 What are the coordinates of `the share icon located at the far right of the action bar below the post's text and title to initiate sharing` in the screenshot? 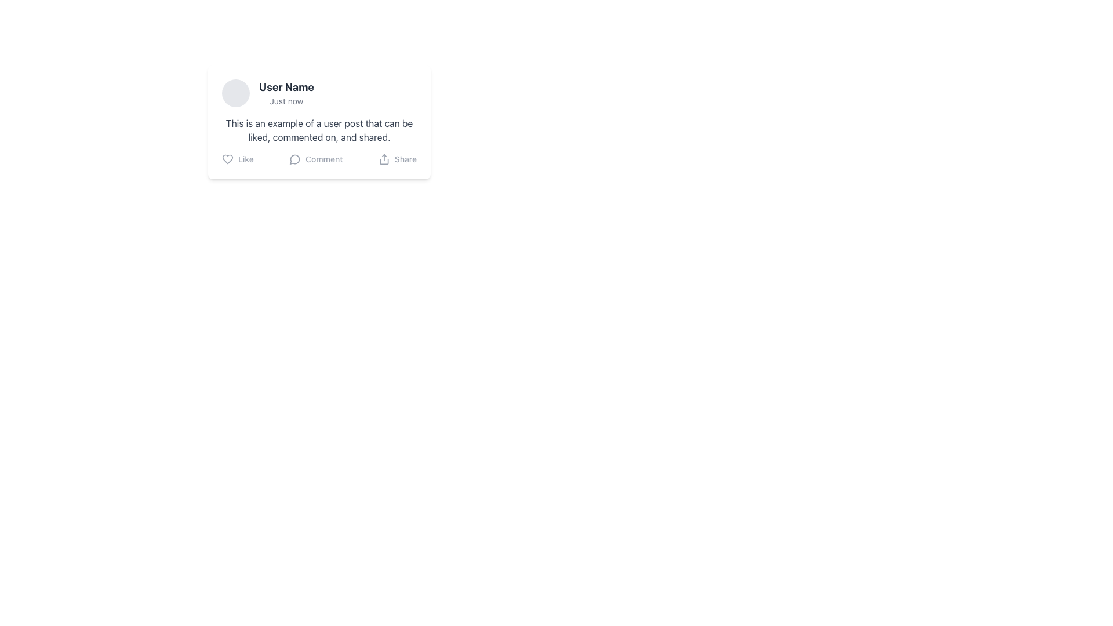 It's located at (384, 159).